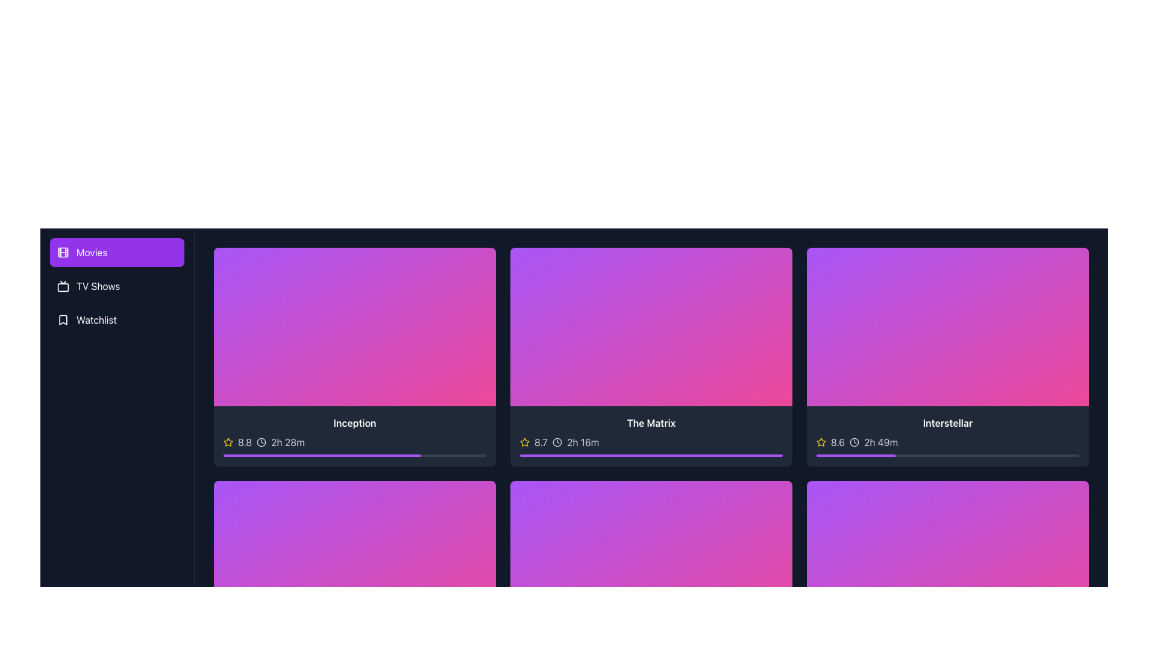  I want to click on the text label displaying '2h 28m' in light gray color, which is part of the movie metadata row under the thumbnail for 'Inception', so click(287, 442).